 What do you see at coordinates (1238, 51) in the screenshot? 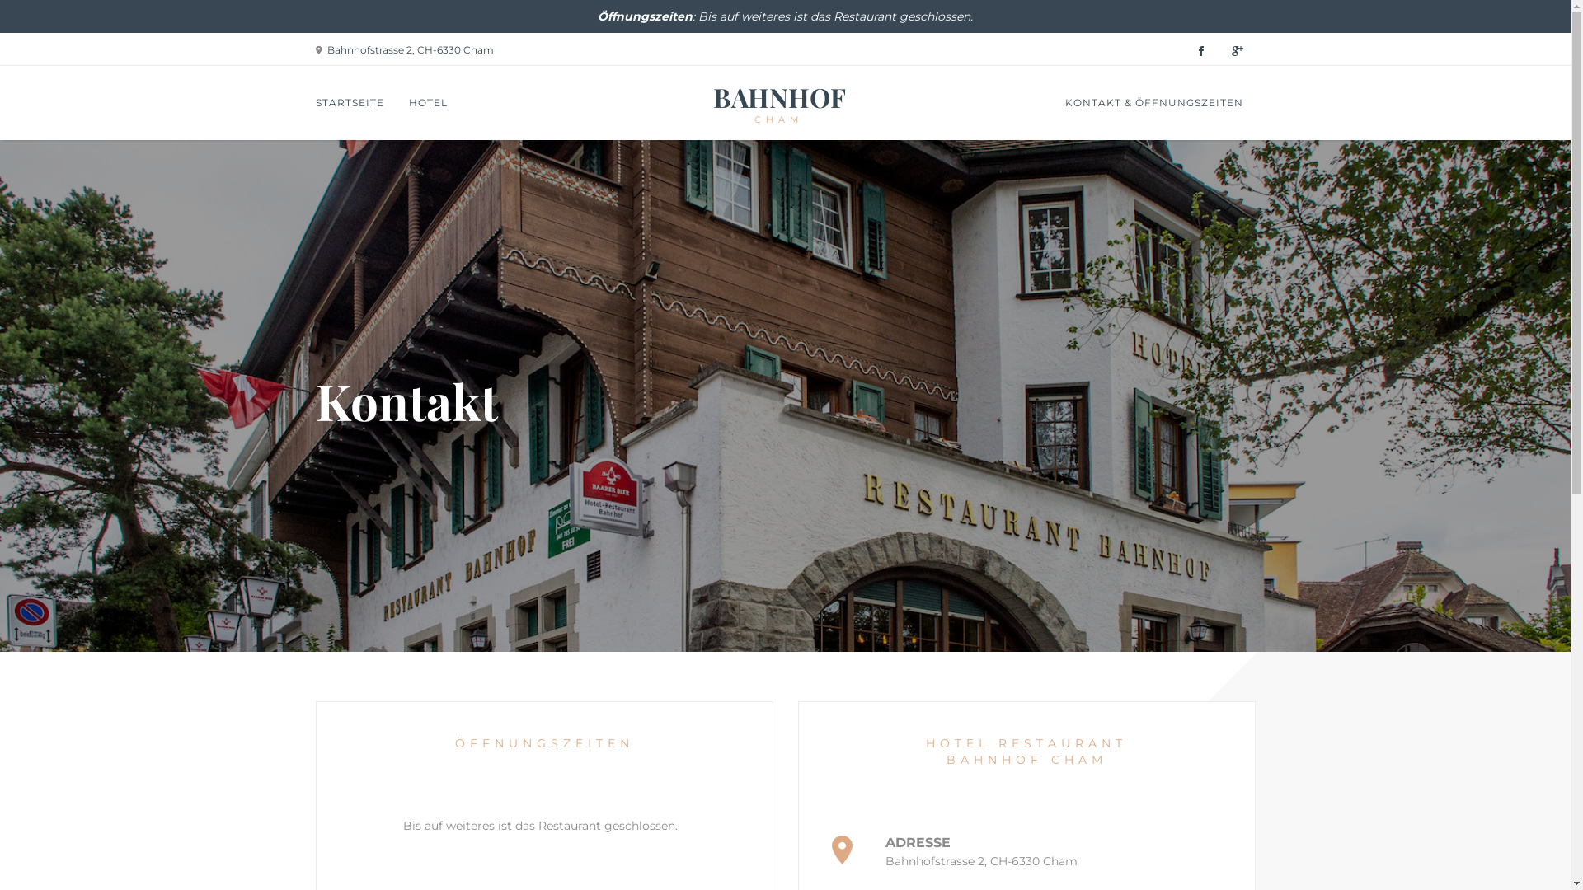
I see `'Google Plus | Hotel Restaurant Bahnhof Cham'` at bounding box center [1238, 51].